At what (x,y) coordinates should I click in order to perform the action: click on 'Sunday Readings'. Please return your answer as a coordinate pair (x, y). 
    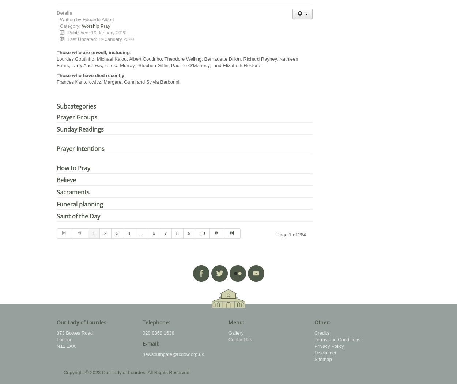
    Looking at the image, I should click on (80, 129).